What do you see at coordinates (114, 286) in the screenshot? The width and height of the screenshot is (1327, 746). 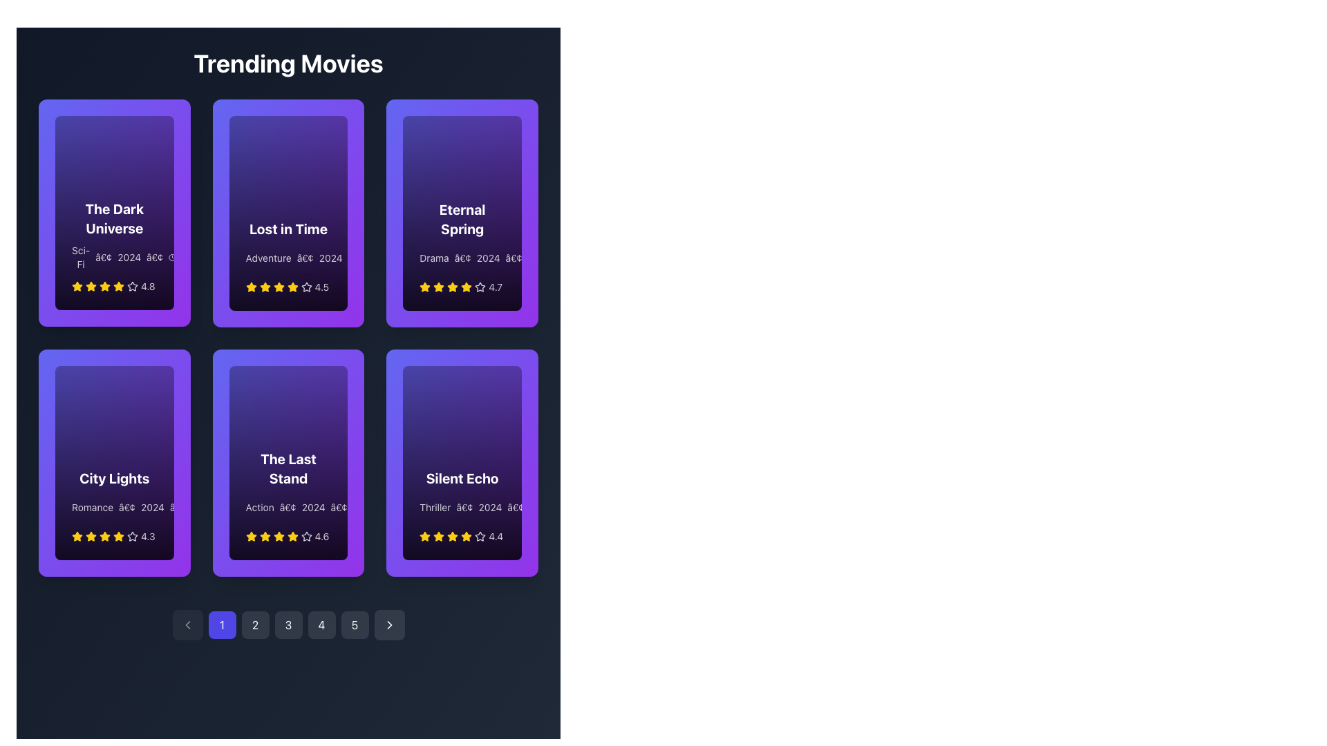 I see `numeric rating value displayed below the genre and year text for the movie 'The Dark Universe', represented by star icons and a numeric label` at bounding box center [114, 286].